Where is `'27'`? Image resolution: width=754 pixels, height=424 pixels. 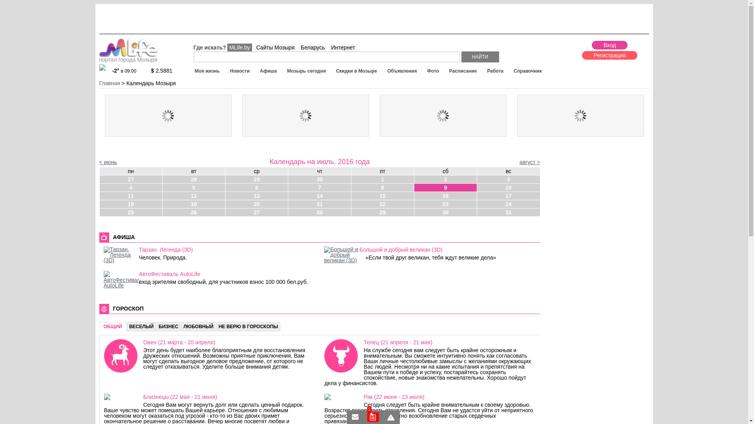
'27' is located at coordinates (131, 179).